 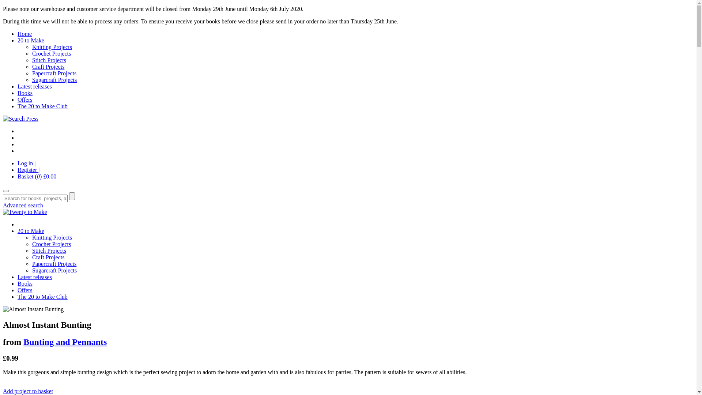 I want to click on '20 to Make', so click(x=30, y=40).